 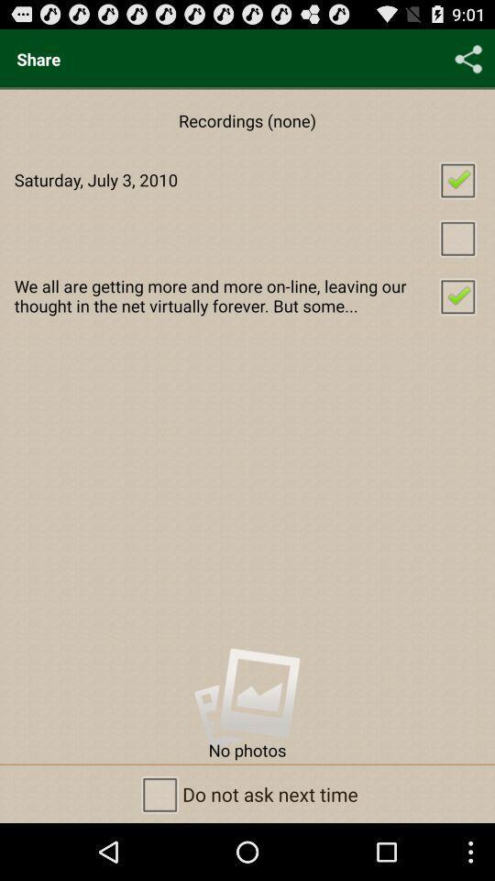 I want to click on saturday july 3 checkbox, so click(x=247, y=179).